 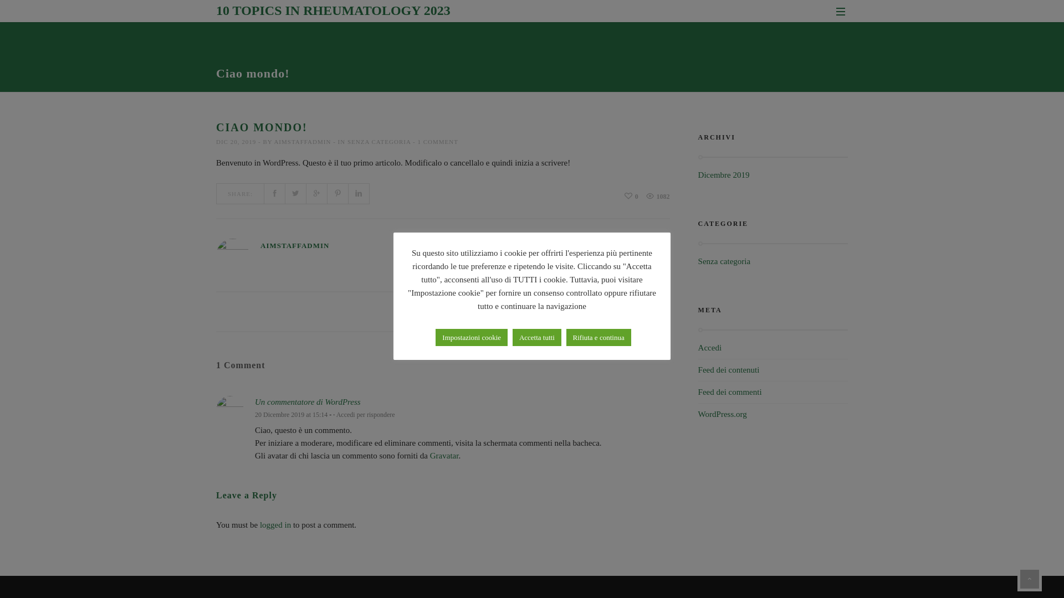 What do you see at coordinates (335, 414) in the screenshot?
I see `'Accedi per rispondere'` at bounding box center [335, 414].